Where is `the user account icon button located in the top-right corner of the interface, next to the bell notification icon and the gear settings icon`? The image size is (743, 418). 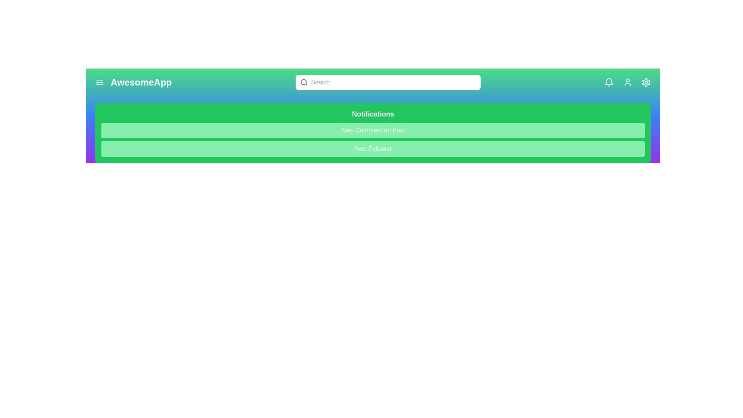 the user account icon button located in the top-right corner of the interface, next to the bell notification icon and the gear settings icon is located at coordinates (628, 82).